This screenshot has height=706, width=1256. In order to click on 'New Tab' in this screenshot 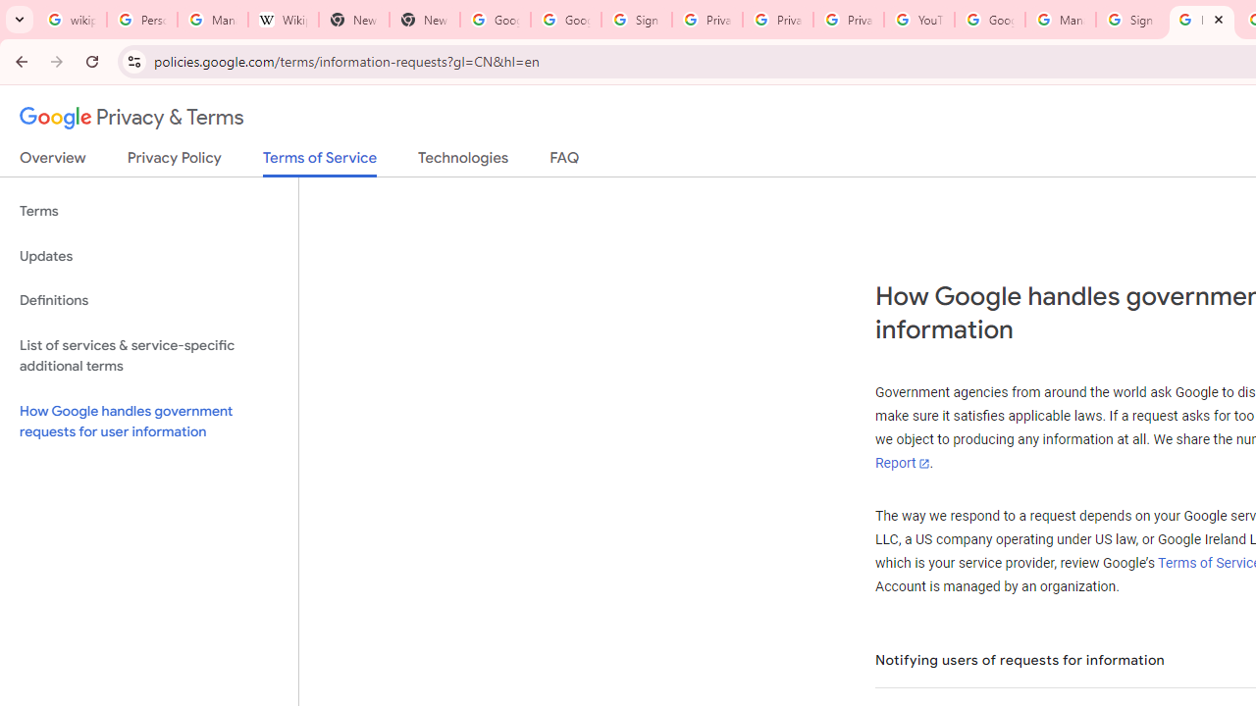, I will do `click(423, 20)`.